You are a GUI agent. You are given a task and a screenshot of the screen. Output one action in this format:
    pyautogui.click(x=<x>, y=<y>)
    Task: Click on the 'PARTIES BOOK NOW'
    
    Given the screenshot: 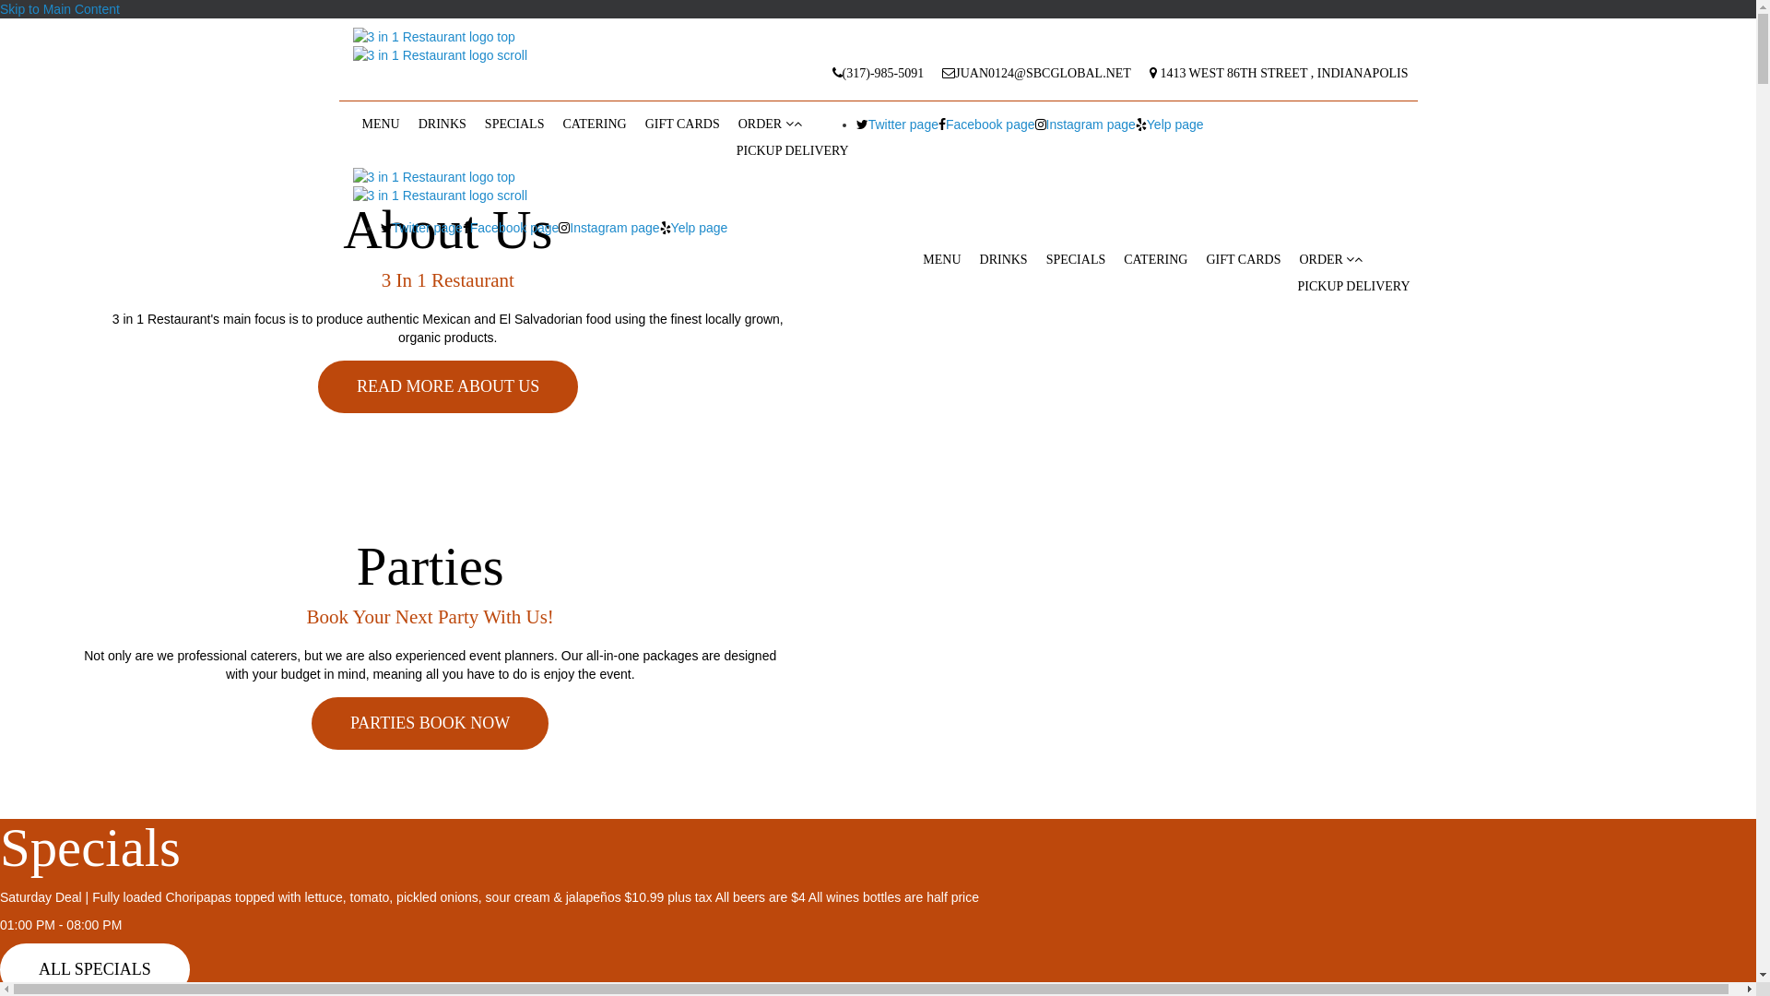 What is the action you would take?
    pyautogui.click(x=429, y=722)
    